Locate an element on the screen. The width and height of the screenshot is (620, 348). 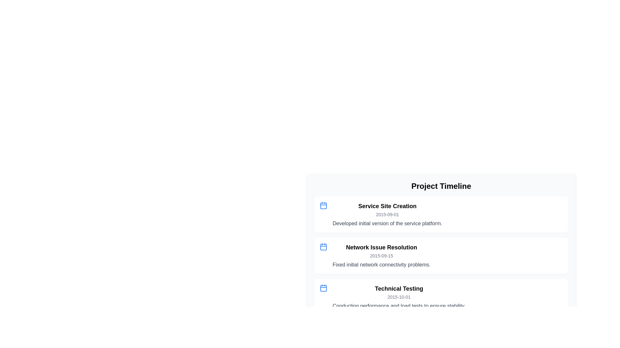
text display showing the date '2015-09-15' located below the title 'Network Issue Resolution' in a timeline interface is located at coordinates (381, 256).